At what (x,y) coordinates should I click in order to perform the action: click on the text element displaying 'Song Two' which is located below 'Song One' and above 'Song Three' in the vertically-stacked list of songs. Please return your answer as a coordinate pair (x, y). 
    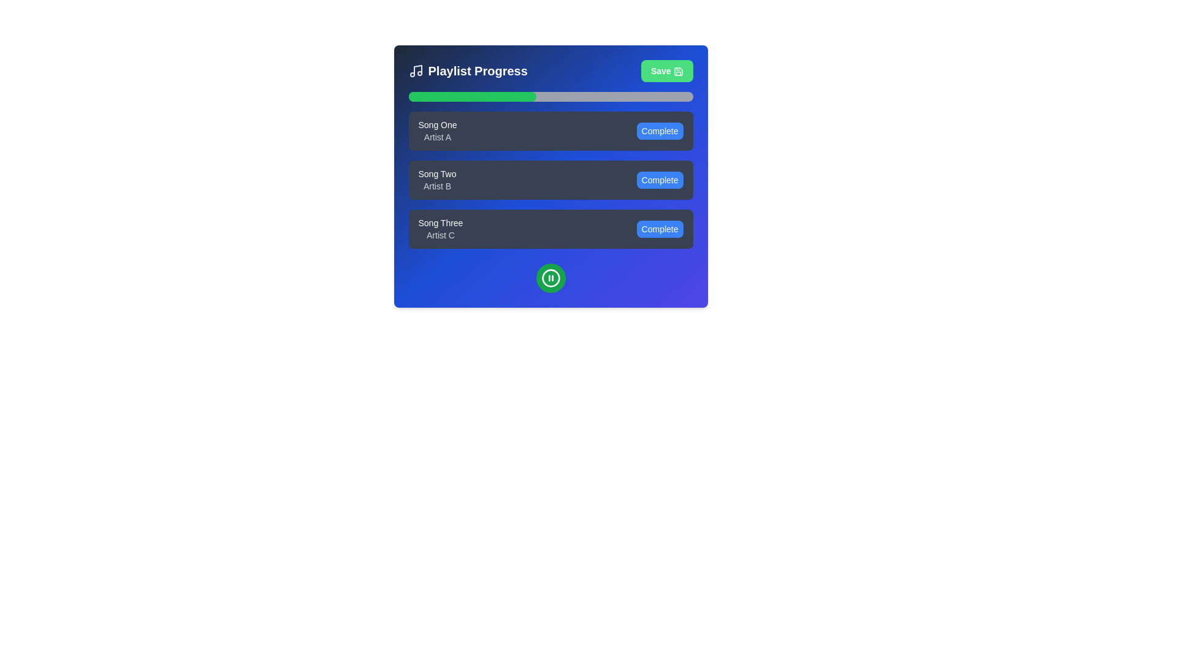
    Looking at the image, I should click on (437, 180).